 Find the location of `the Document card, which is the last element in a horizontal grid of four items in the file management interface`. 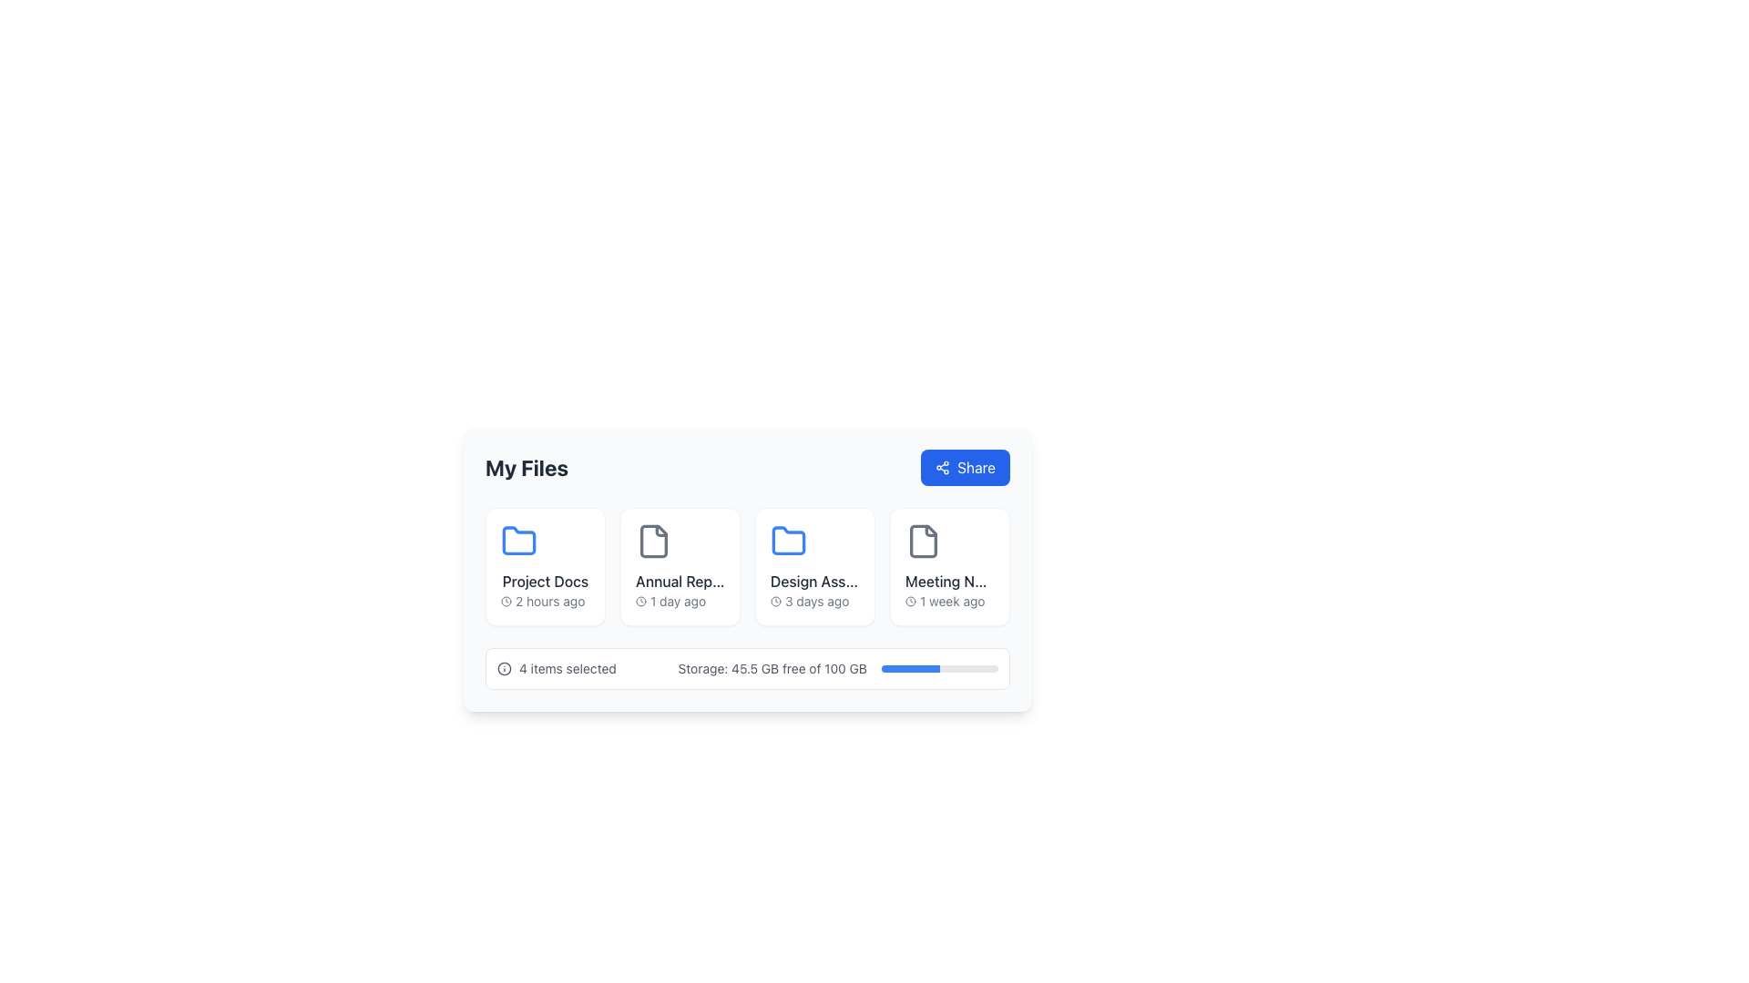

the Document card, which is the last element in a horizontal grid of four items in the file management interface is located at coordinates (948, 566).